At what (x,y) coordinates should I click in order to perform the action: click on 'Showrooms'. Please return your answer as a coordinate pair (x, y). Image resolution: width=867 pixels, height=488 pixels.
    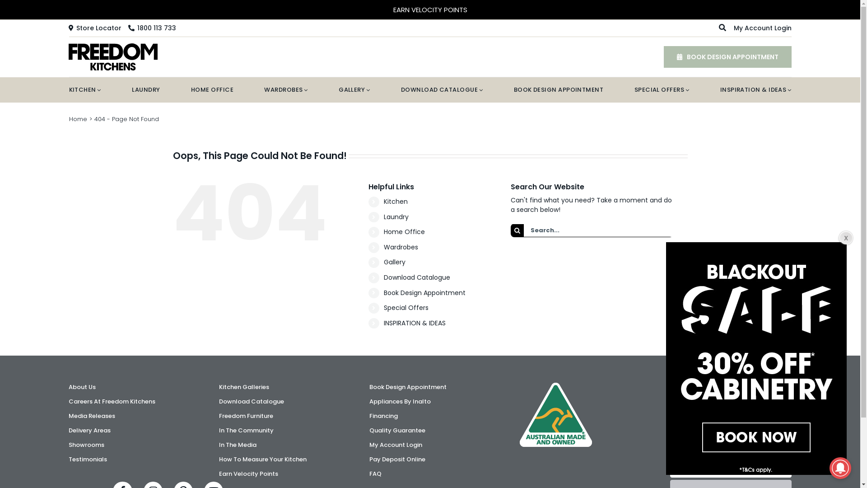
    Looking at the image, I should click on (129, 444).